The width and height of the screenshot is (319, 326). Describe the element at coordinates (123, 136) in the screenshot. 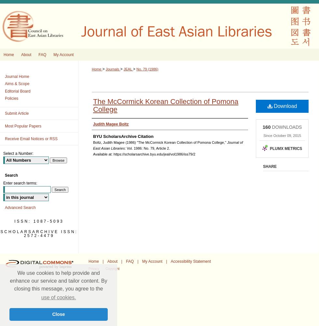

I see `'BYU ScholarsArchive Citation'` at that location.